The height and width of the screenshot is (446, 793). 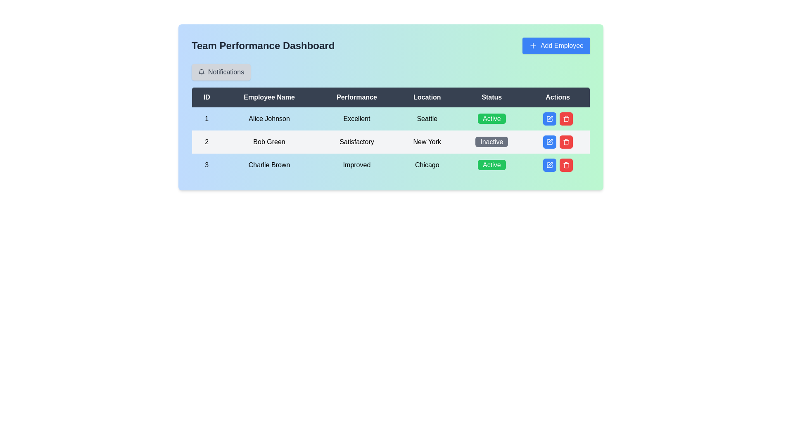 I want to click on the label for the third row in the employee data table, which serves as an identifier under the 'ID' column, so click(x=207, y=165).